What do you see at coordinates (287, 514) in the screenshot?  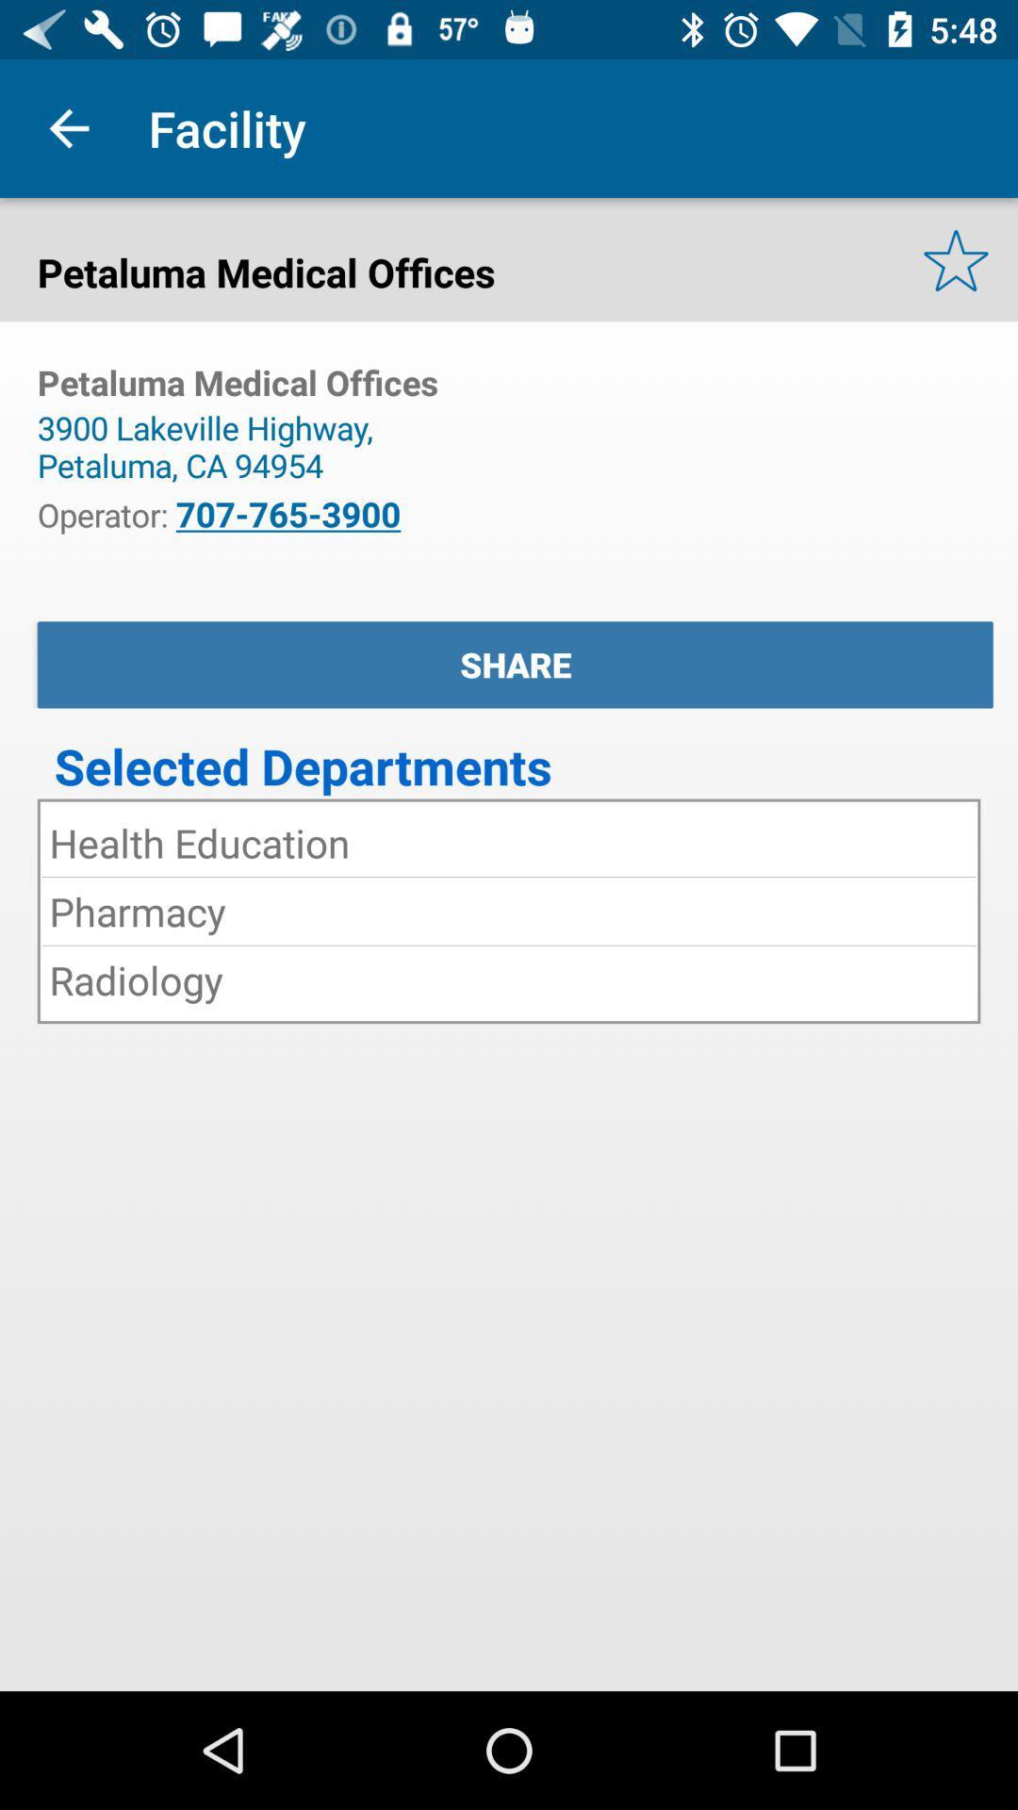 I see `the app below 3900 lakeville highway item` at bounding box center [287, 514].